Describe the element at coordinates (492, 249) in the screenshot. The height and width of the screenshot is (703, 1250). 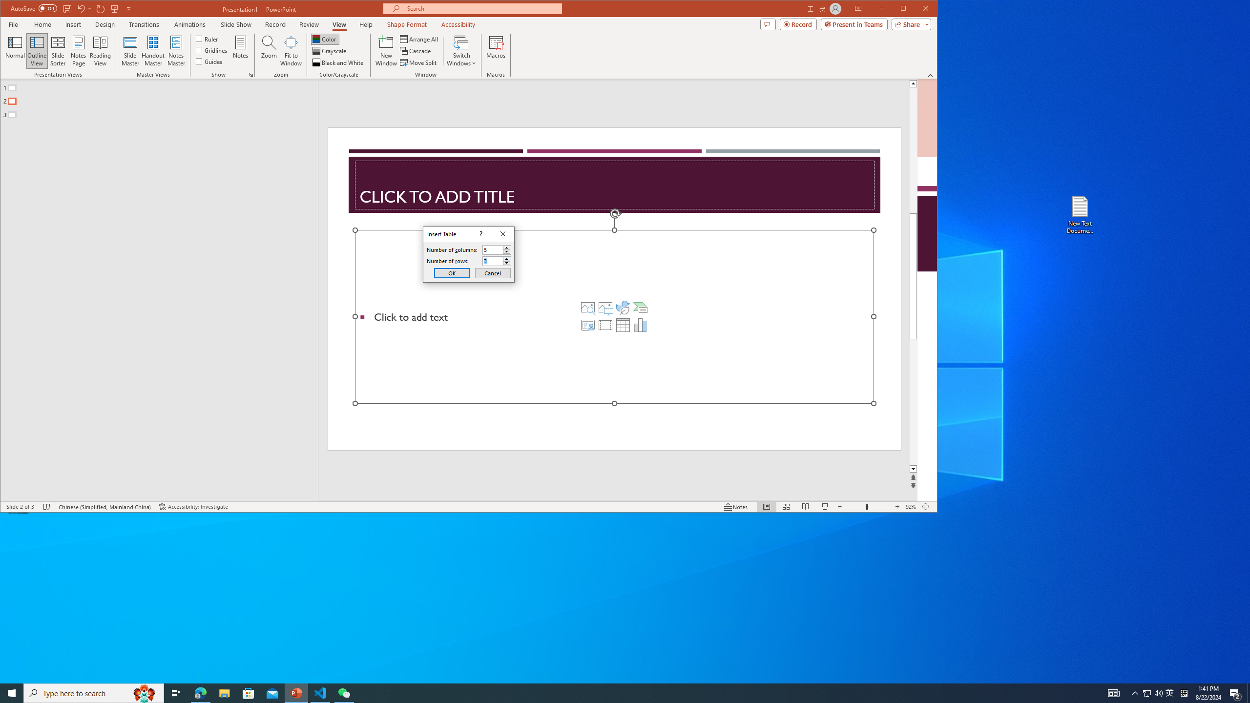
I see `'Number of columns'` at that location.